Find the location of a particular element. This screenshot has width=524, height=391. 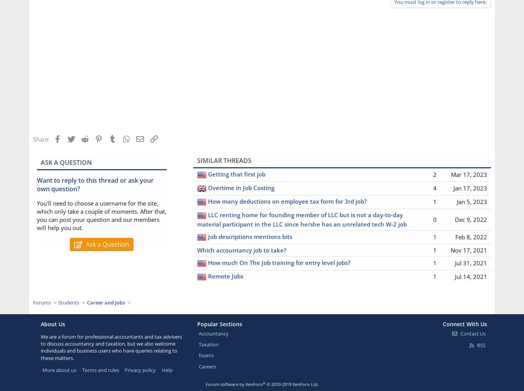

'Share:' is located at coordinates (33, 139).